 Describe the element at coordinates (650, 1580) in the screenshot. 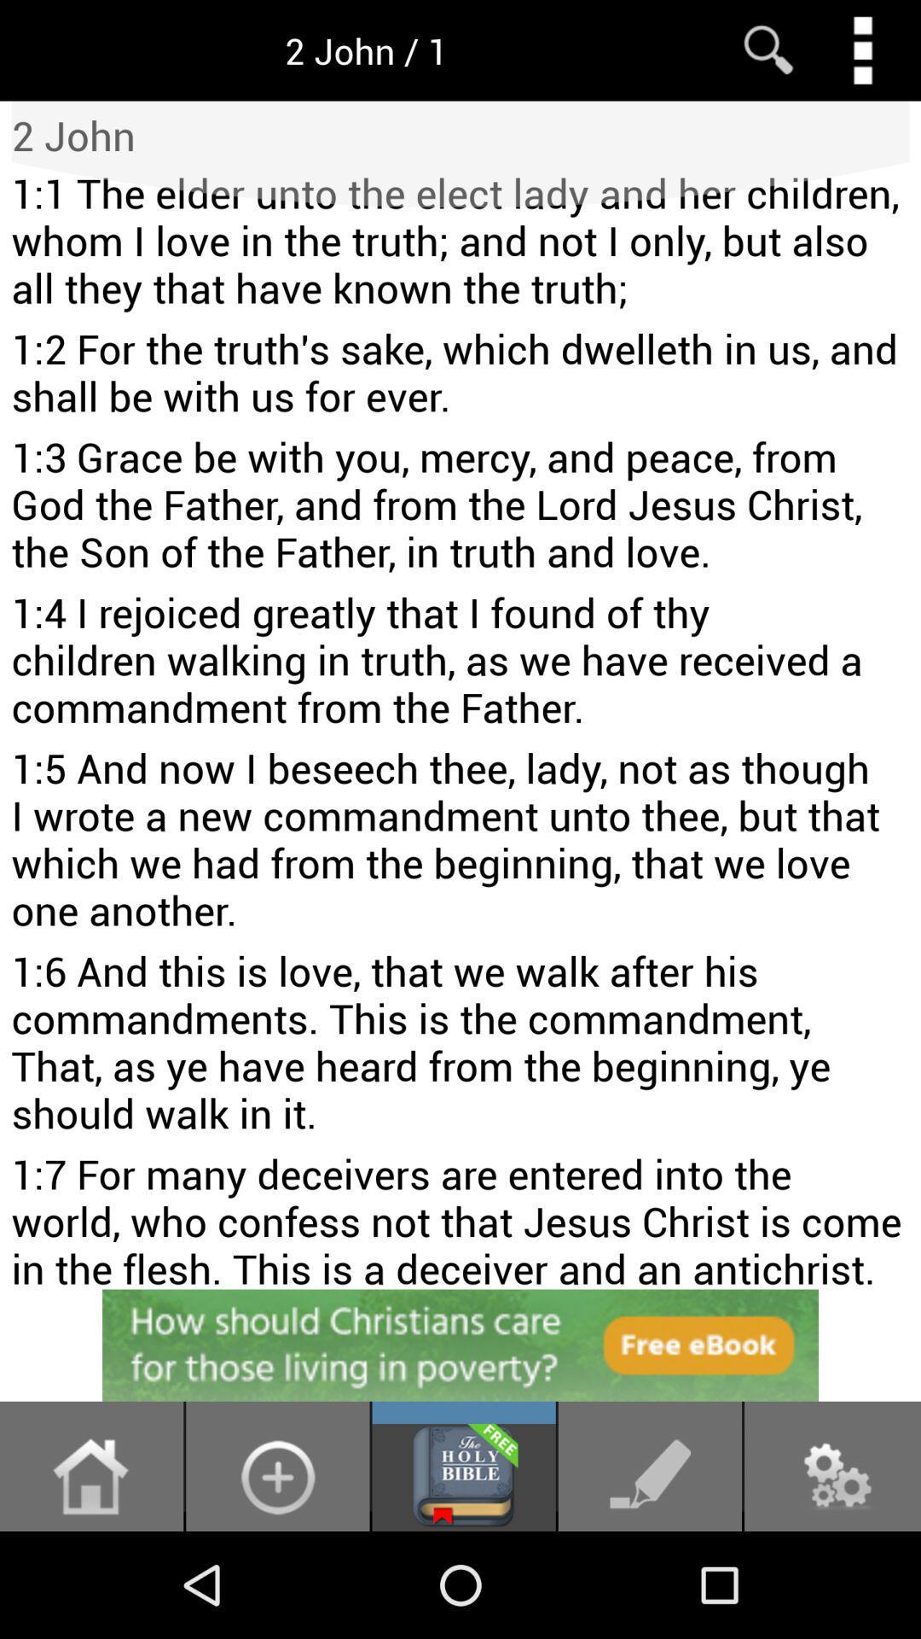

I see `the edit icon` at that location.